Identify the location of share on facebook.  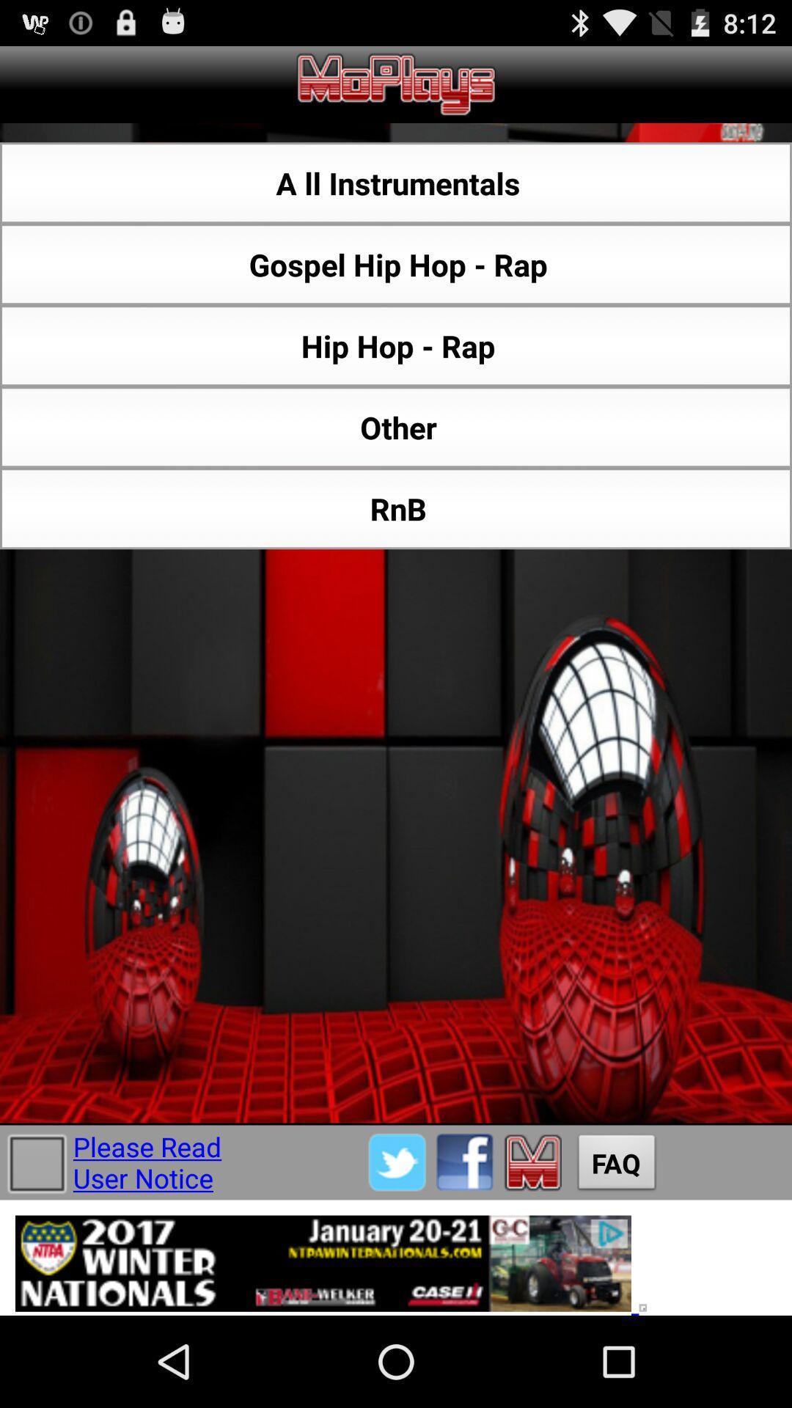
(465, 1162).